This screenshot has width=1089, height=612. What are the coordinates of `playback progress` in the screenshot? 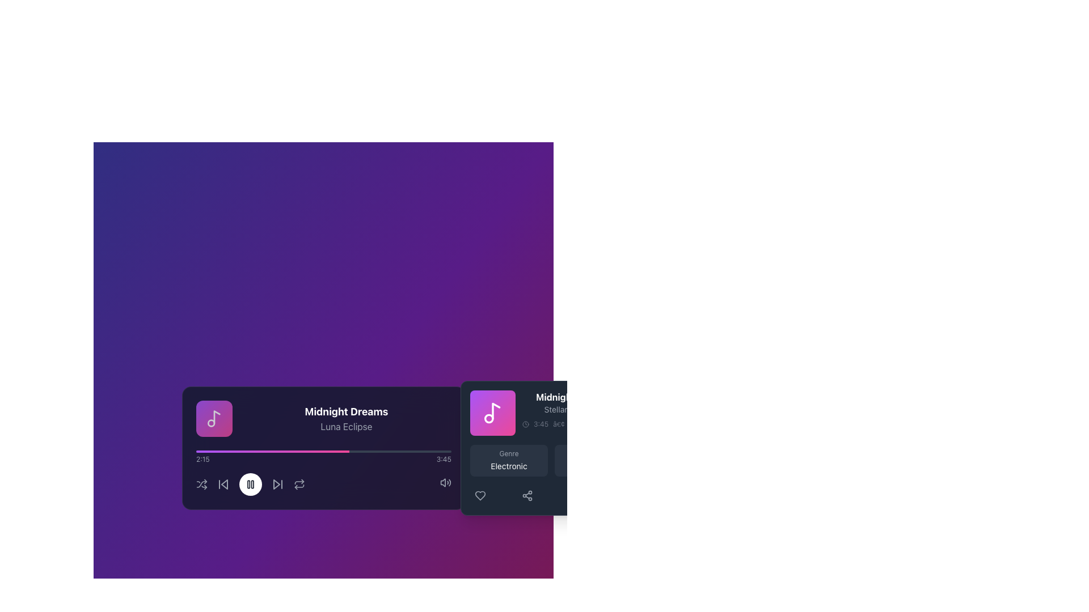 It's located at (336, 451).